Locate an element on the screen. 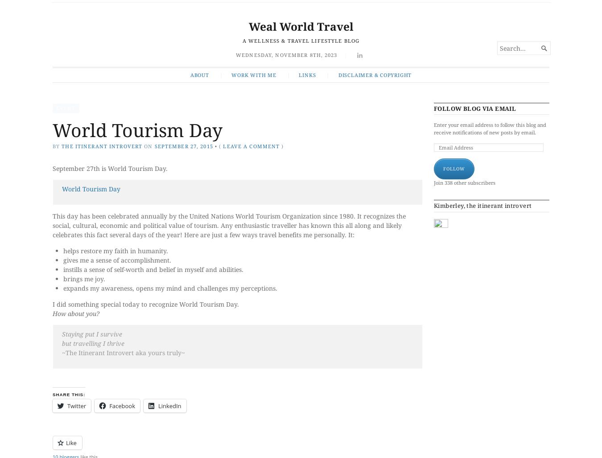 This screenshot has height=458, width=602. 'Weal World Travel' is located at coordinates (248, 26).